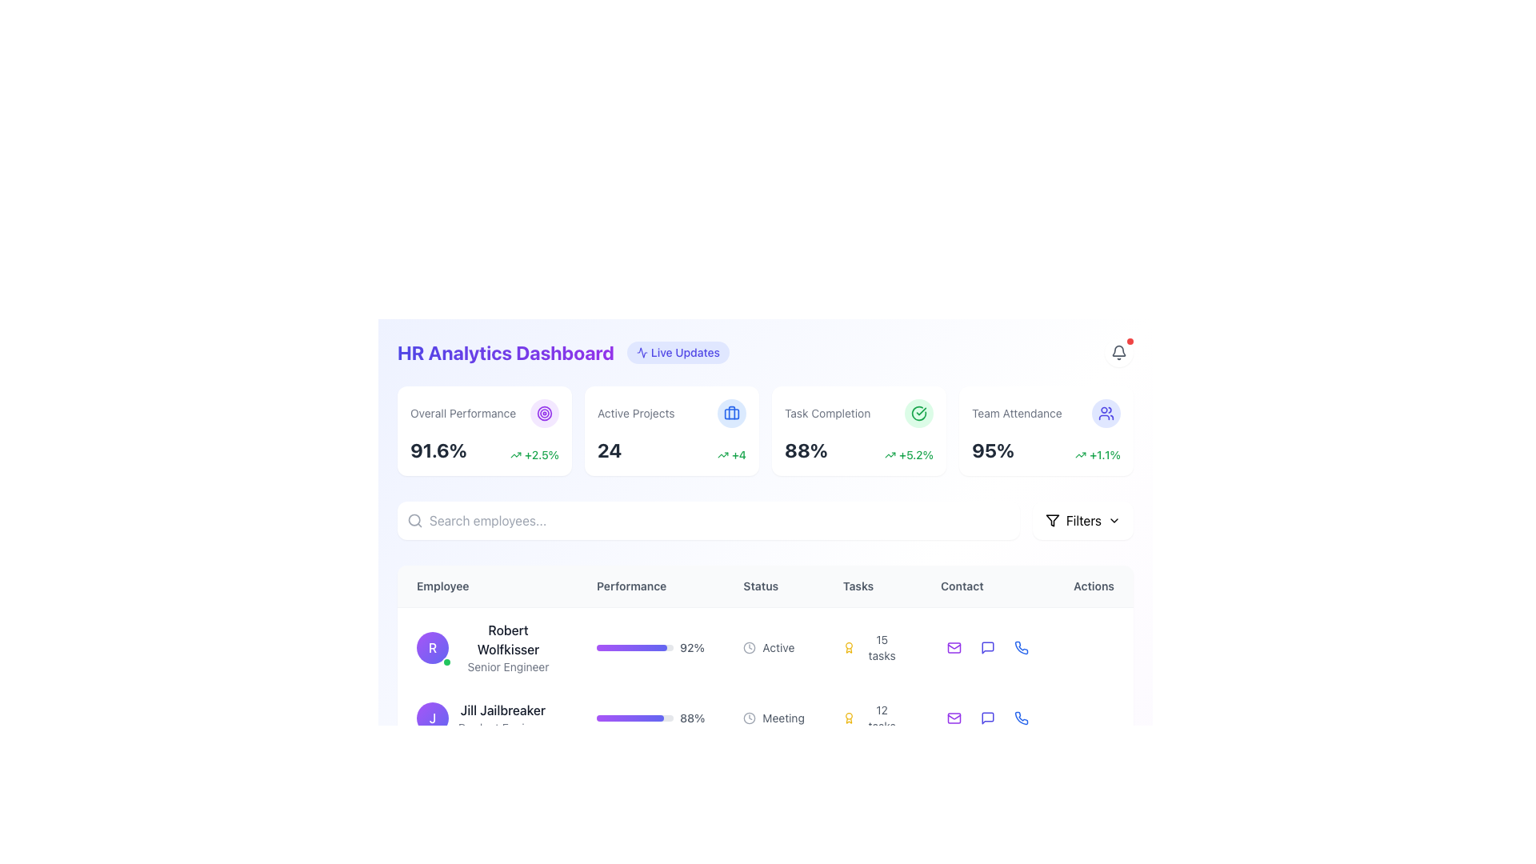 The image size is (1536, 864). Describe the element at coordinates (722, 455) in the screenshot. I see `the visual representation of the positive trend icon located next to the numeric label '+4' in the 'Active Projects' card on the dashboard` at that location.